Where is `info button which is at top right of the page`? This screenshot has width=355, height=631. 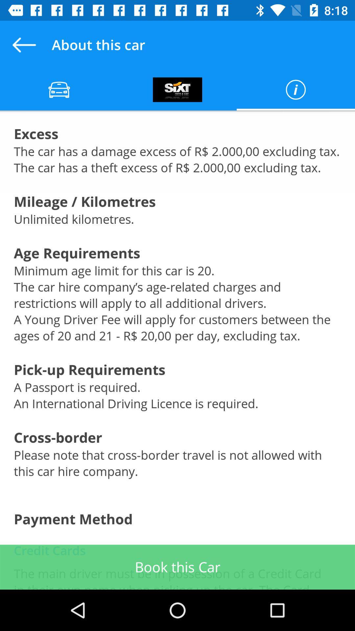 info button which is at top right of the page is located at coordinates (295, 89).